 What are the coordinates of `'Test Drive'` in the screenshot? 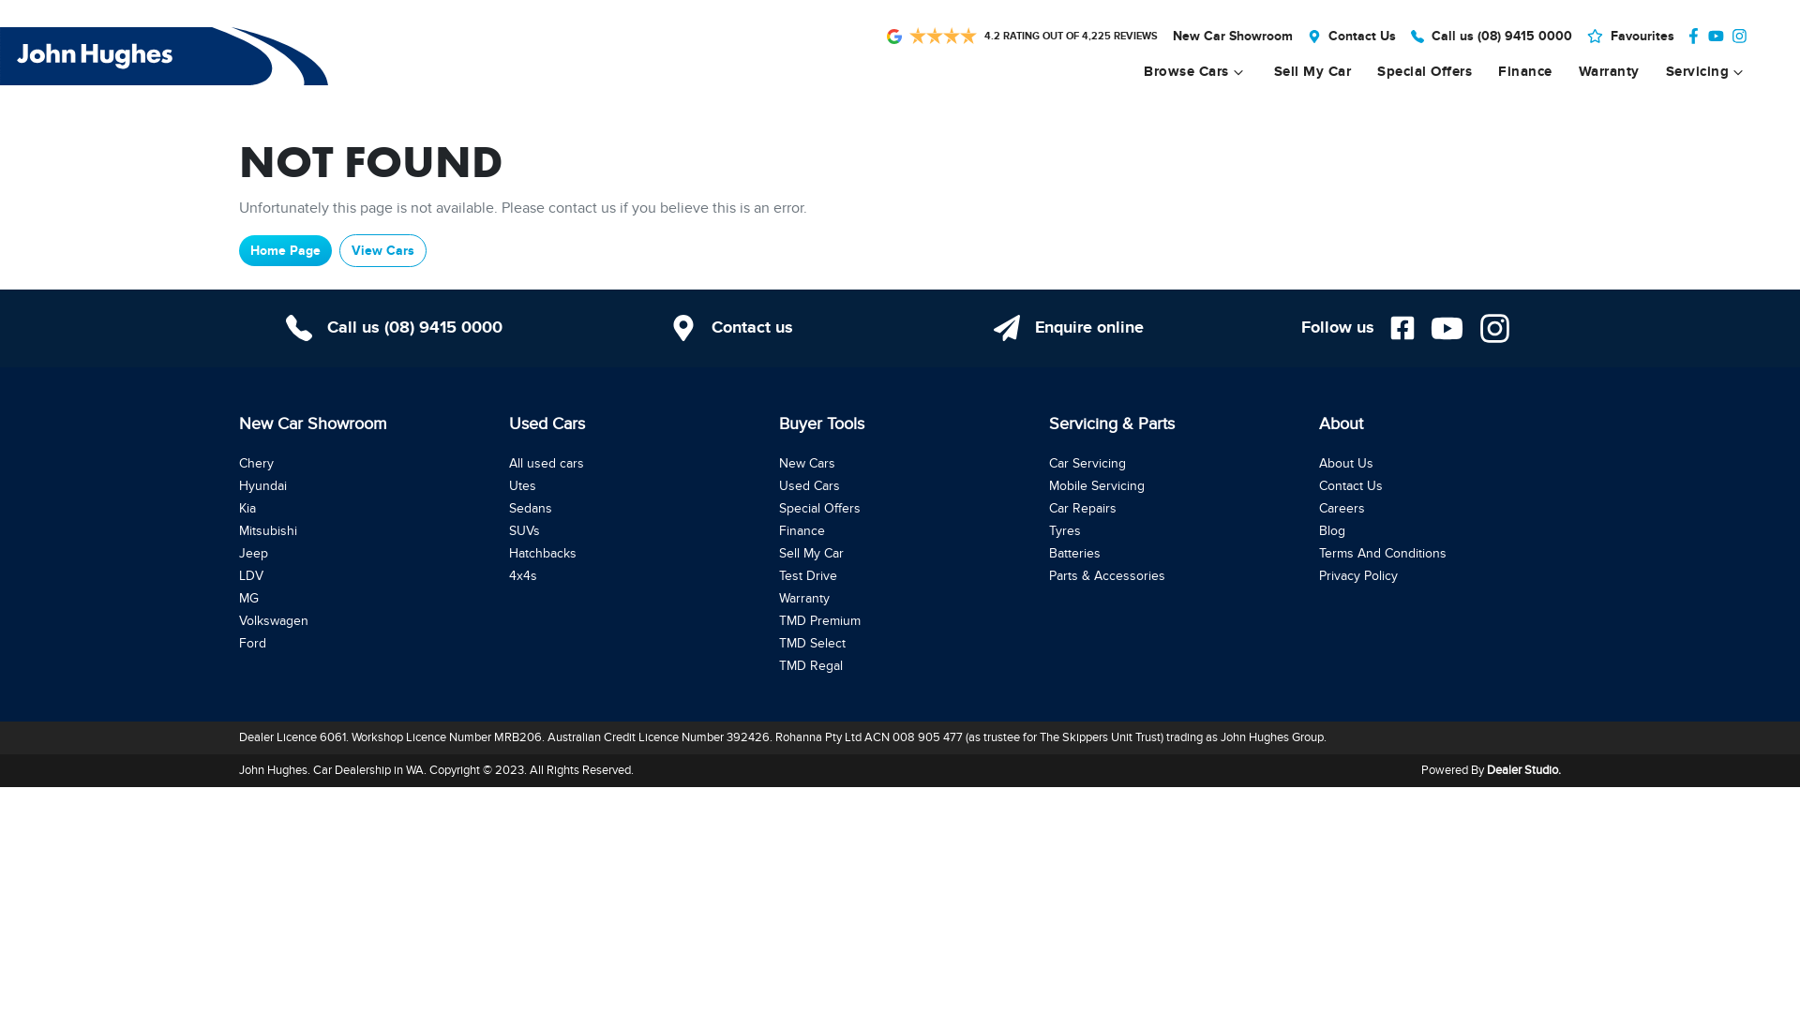 It's located at (808, 574).